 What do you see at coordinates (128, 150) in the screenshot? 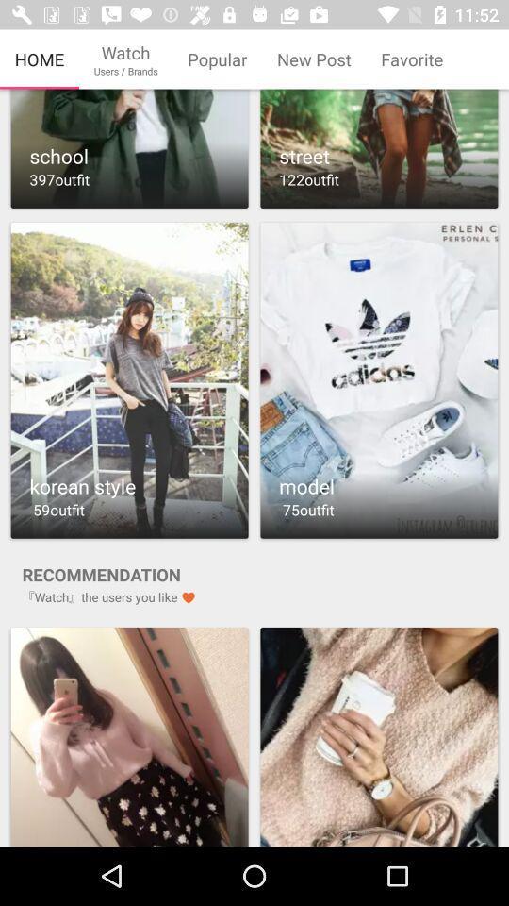
I see `the first image which is below home` at bounding box center [128, 150].